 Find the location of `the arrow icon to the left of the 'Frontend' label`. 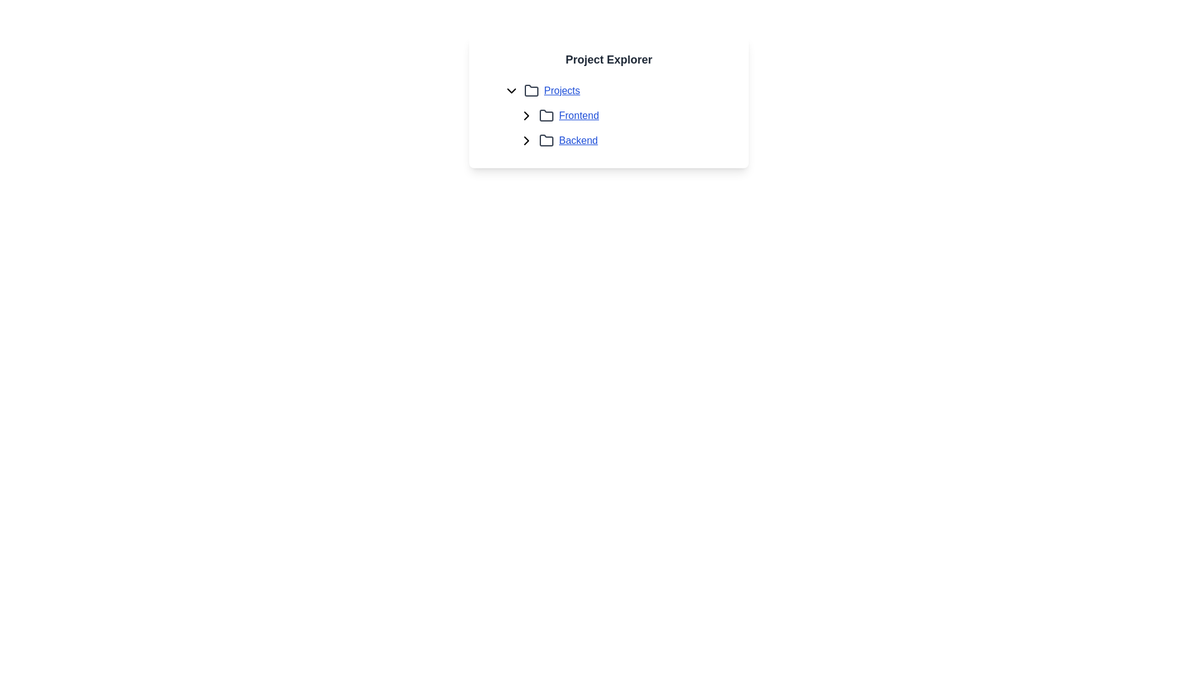

the arrow icon to the left of the 'Frontend' label is located at coordinates (527, 115).